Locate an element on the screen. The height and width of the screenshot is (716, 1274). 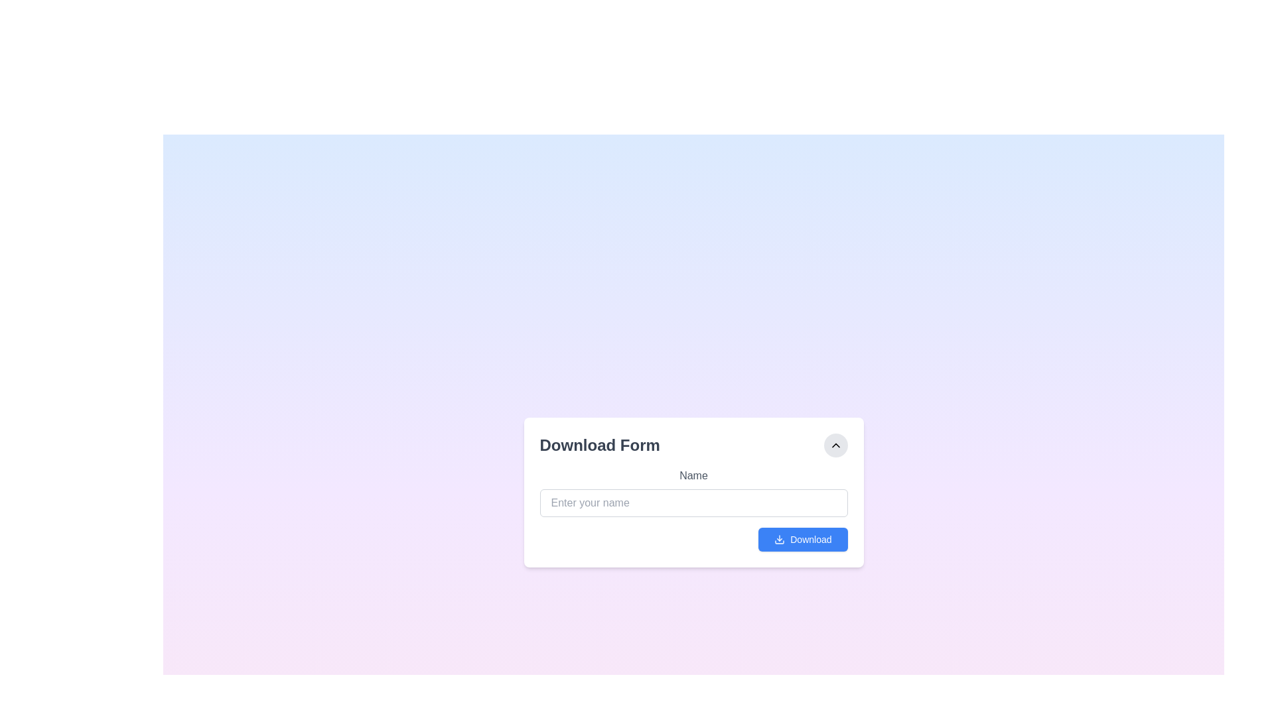
the circular button with a light gray background and a black upward-chevron icon is located at coordinates (835, 445).